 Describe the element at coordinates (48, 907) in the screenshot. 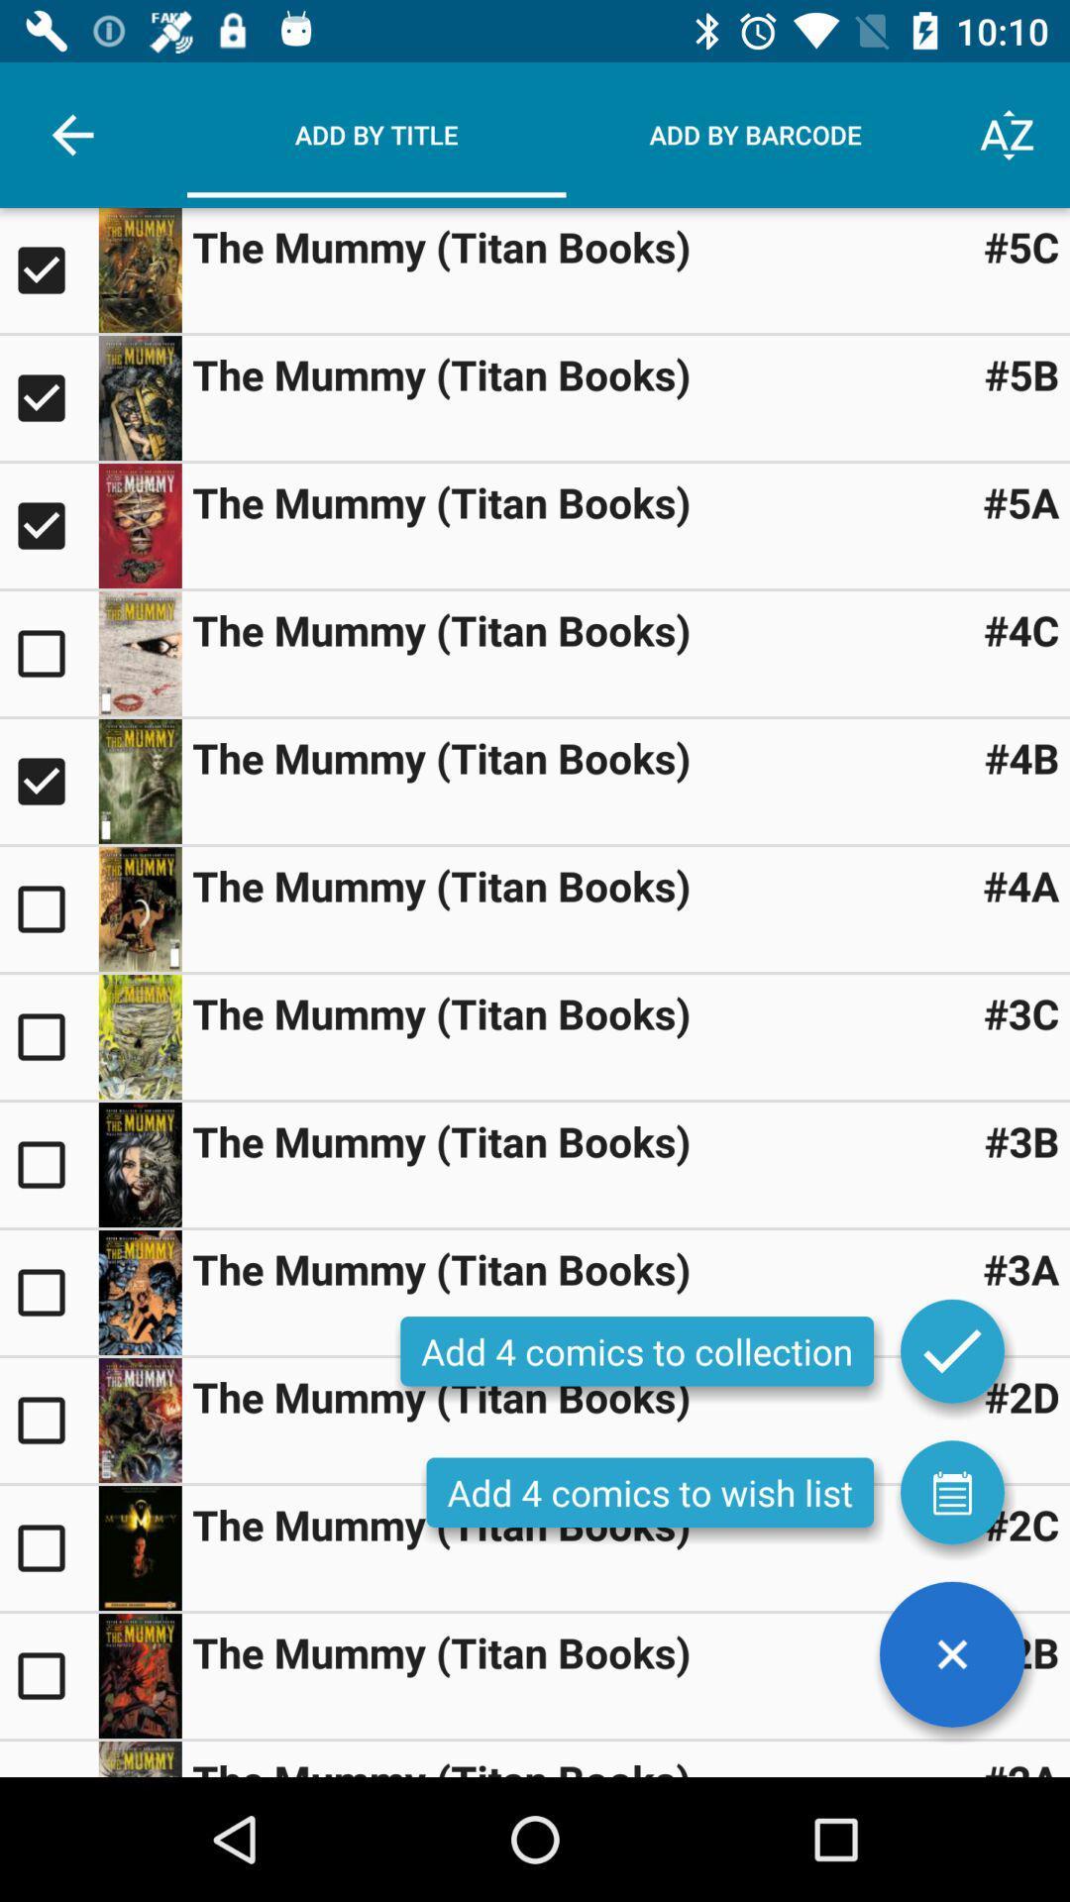

I see `comic` at that location.